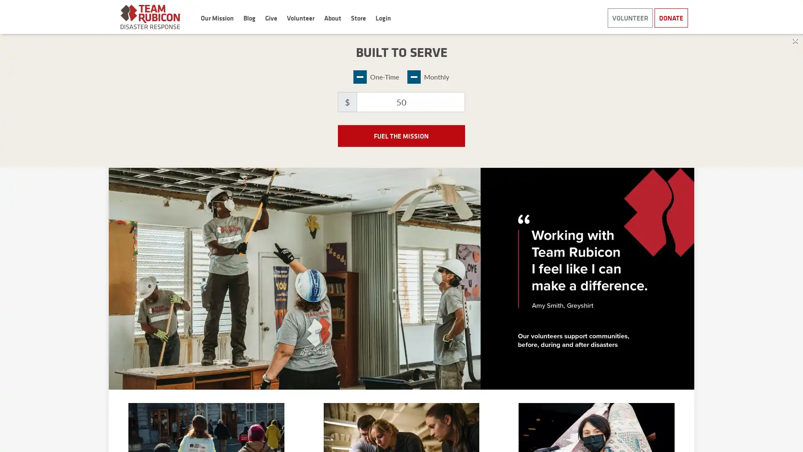 This screenshot has width=803, height=452. What do you see at coordinates (401, 135) in the screenshot?
I see `FUEL THE MISSION` at bounding box center [401, 135].